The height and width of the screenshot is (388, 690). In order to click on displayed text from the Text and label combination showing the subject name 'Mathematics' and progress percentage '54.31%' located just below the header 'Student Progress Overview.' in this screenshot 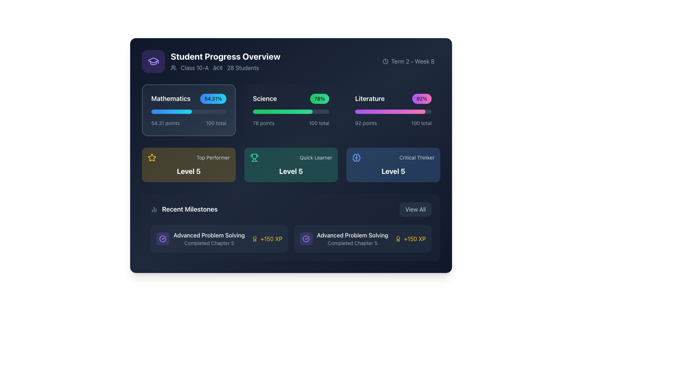, I will do `click(189, 98)`.